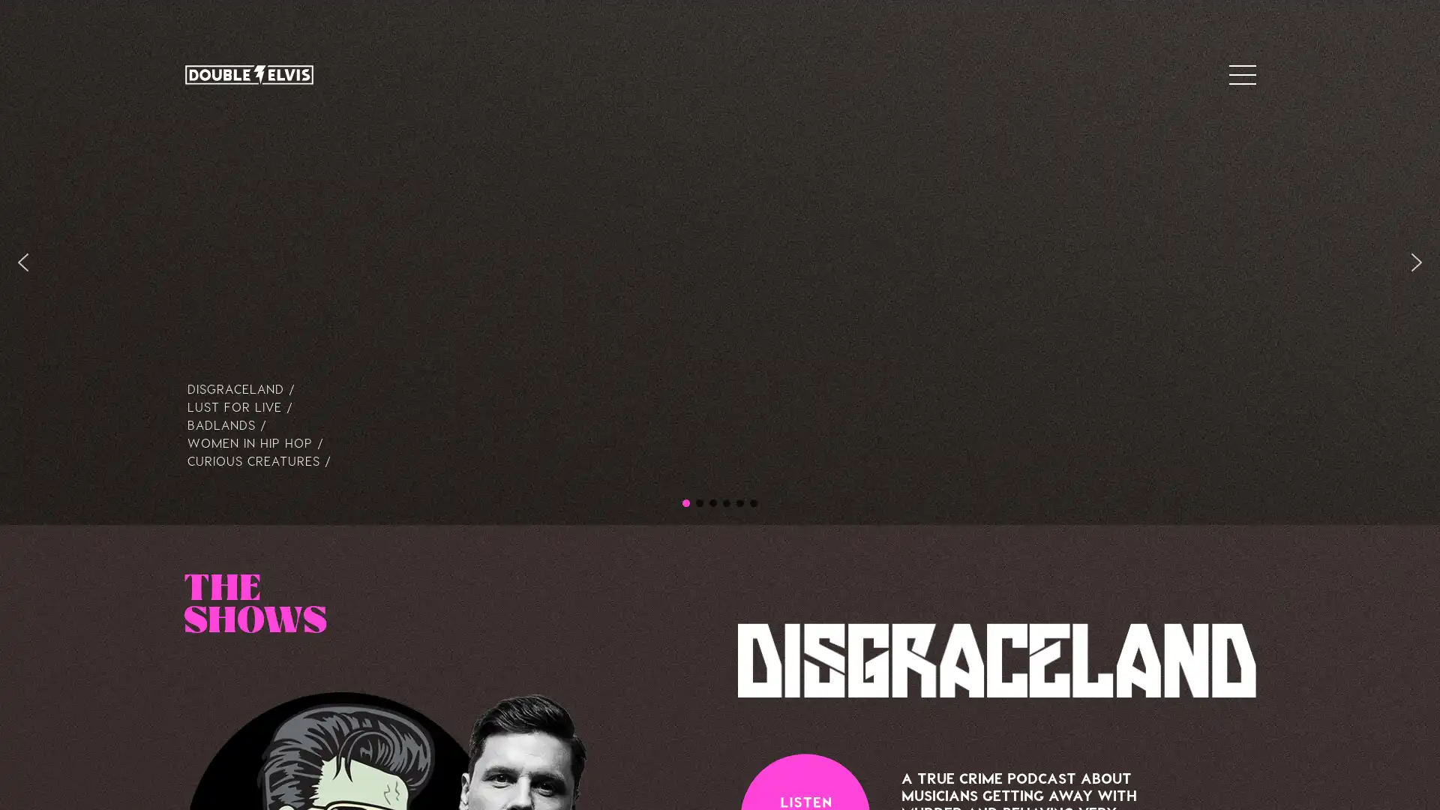  I want to click on Badlands hero, so click(727, 503).